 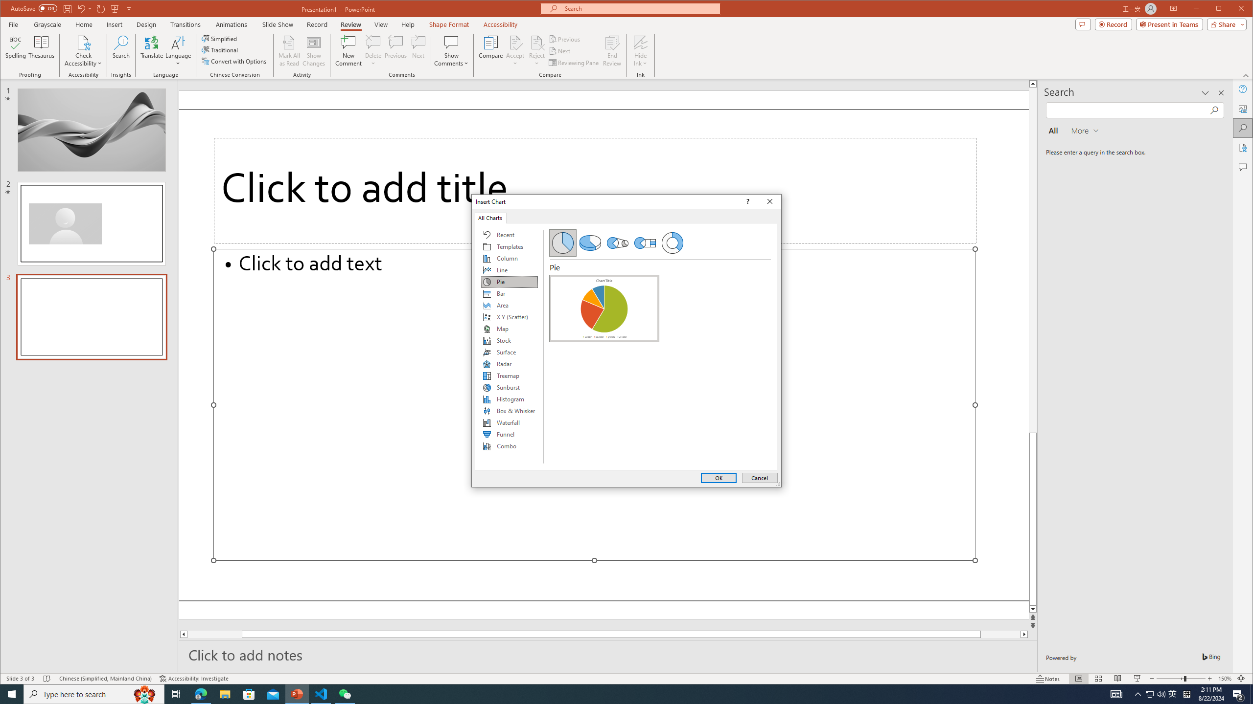 What do you see at coordinates (509, 387) in the screenshot?
I see `'Sunburst'` at bounding box center [509, 387].